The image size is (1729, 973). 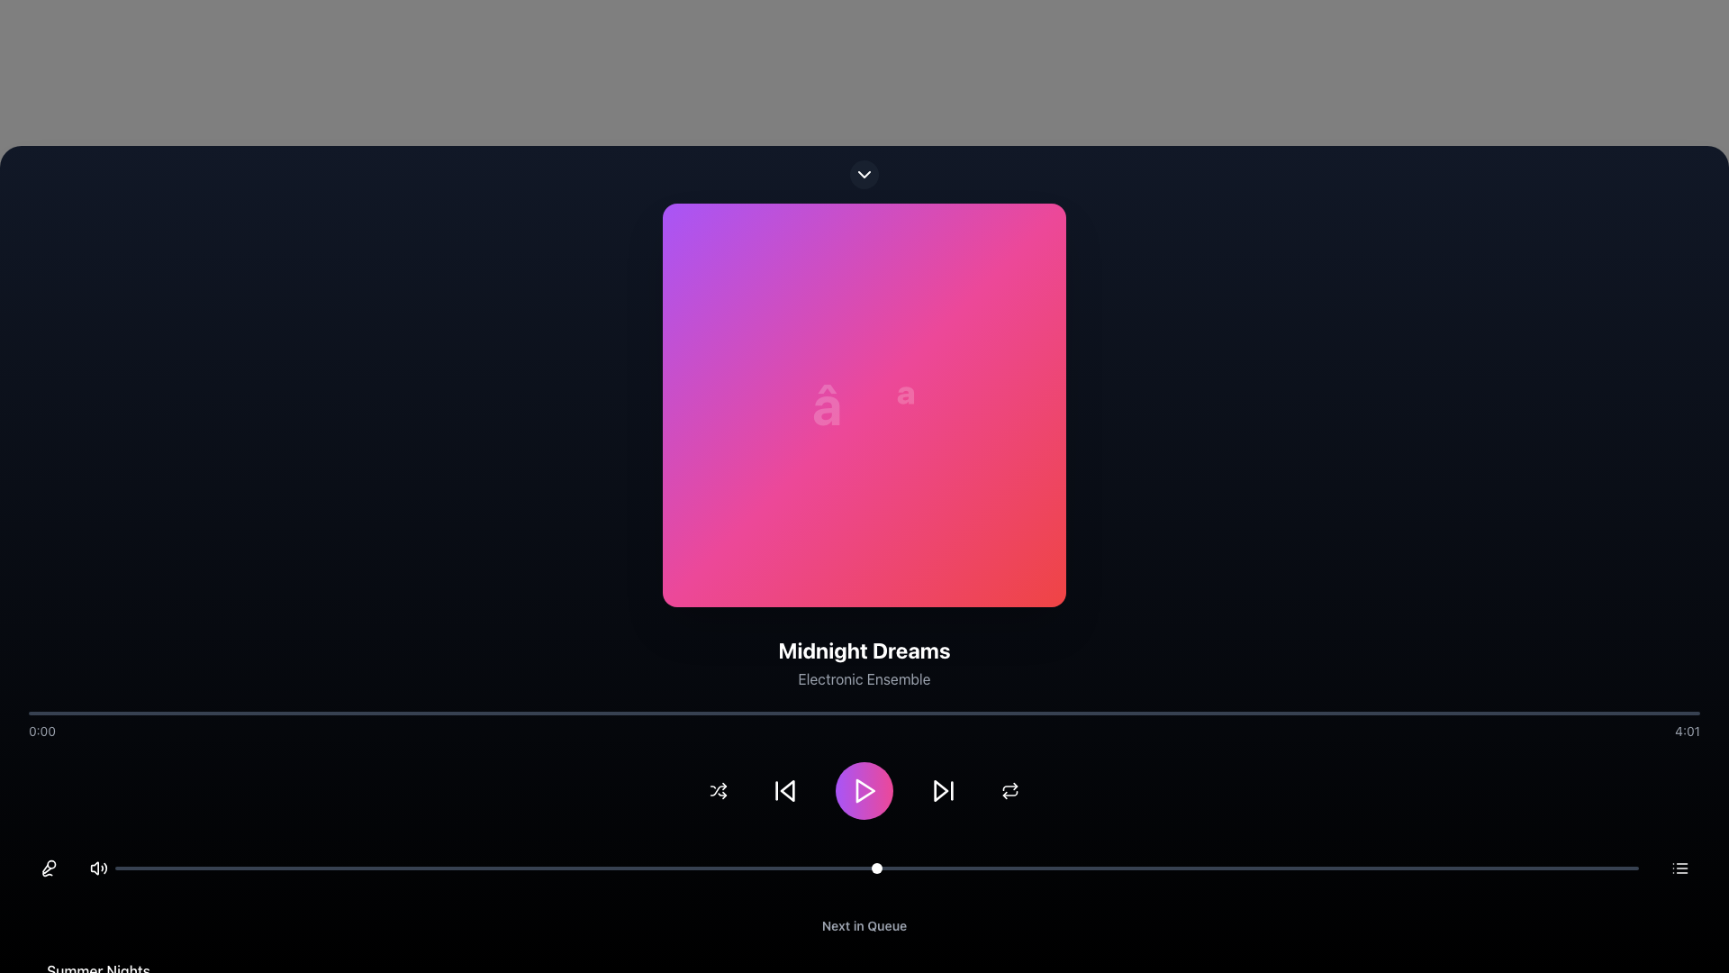 I want to click on the slider value, so click(x=403, y=868).